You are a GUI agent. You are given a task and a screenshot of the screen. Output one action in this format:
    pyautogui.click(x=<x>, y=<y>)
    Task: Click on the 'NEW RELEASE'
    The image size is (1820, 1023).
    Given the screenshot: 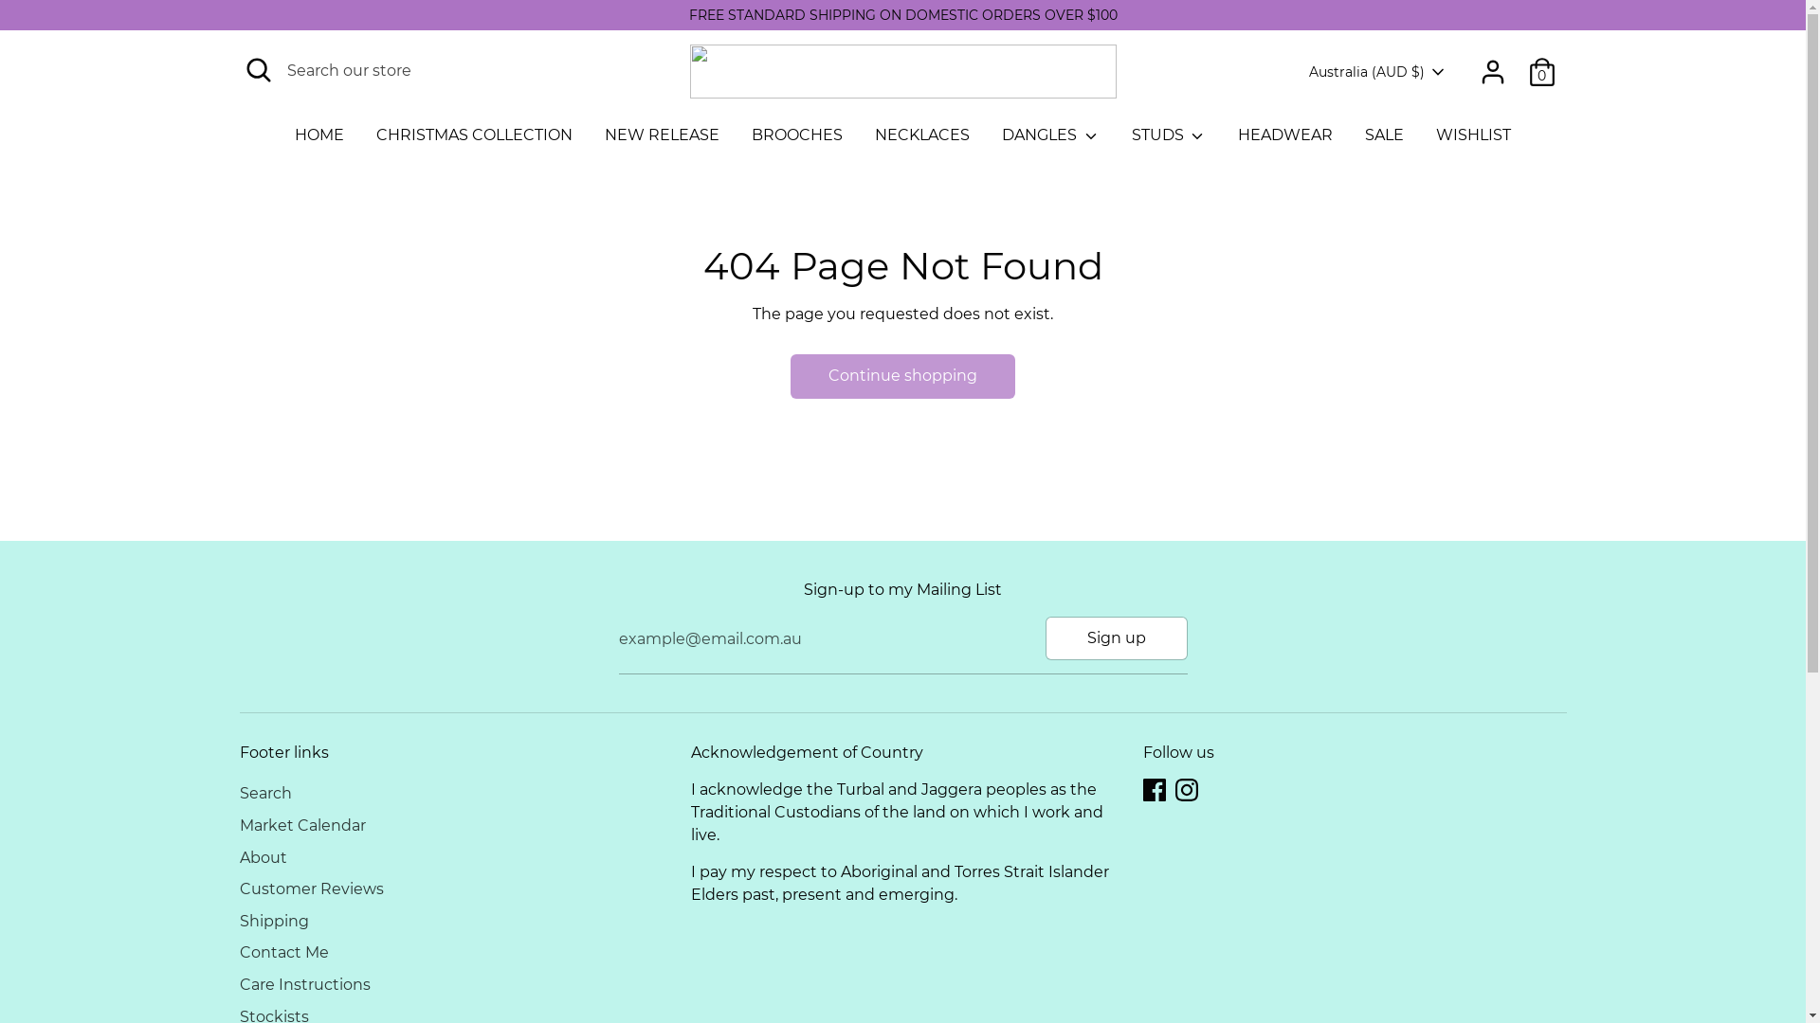 What is the action you would take?
    pyautogui.click(x=662, y=140)
    